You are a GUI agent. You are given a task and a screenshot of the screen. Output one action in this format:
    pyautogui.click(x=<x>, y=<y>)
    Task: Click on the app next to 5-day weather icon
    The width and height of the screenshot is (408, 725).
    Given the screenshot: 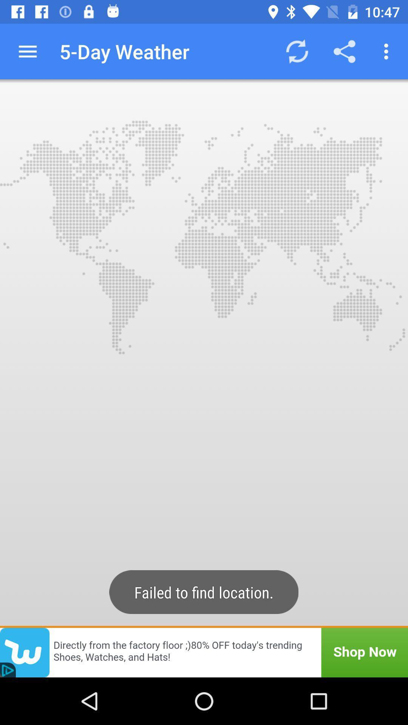 What is the action you would take?
    pyautogui.click(x=297, y=51)
    